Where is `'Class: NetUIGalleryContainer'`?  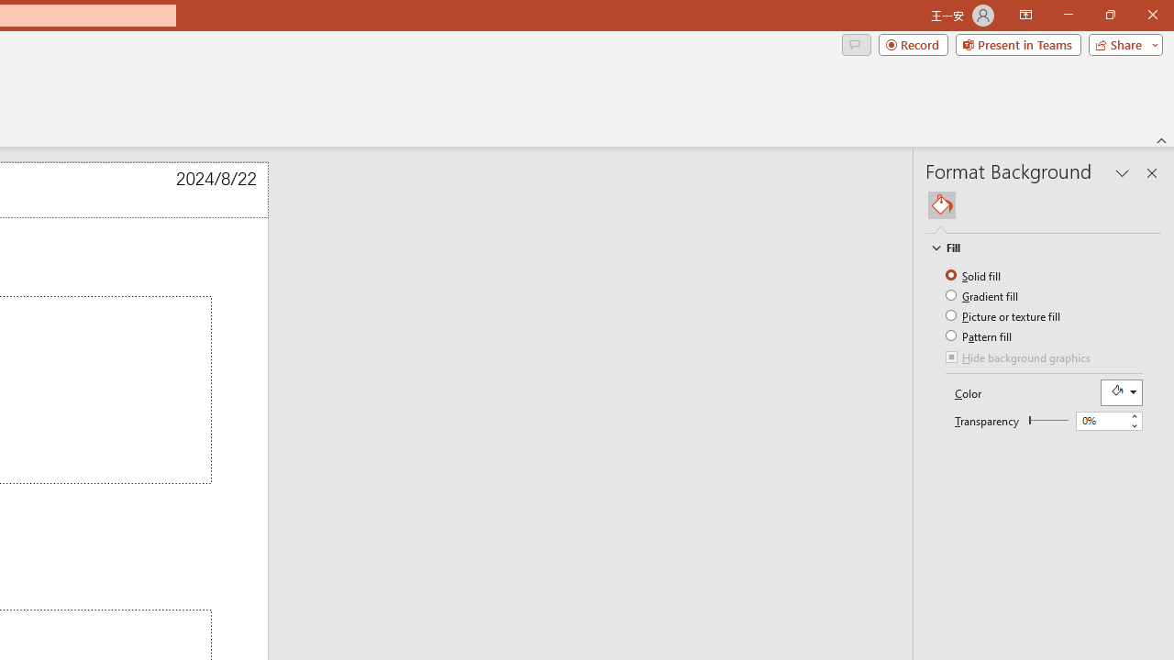 'Class: NetUIGalleryContainer' is located at coordinates (1044, 204).